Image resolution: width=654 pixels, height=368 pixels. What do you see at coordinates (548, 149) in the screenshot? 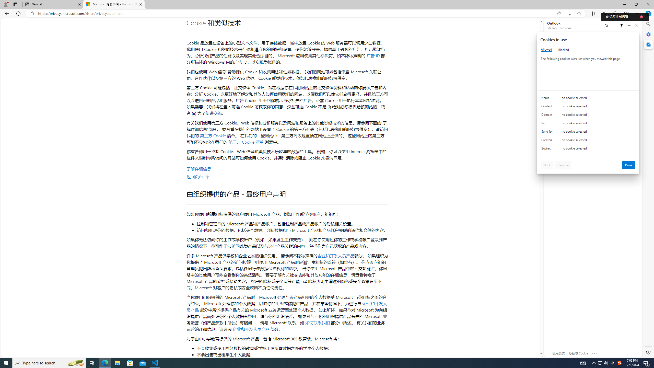
I see `'Expires'` at bounding box center [548, 149].